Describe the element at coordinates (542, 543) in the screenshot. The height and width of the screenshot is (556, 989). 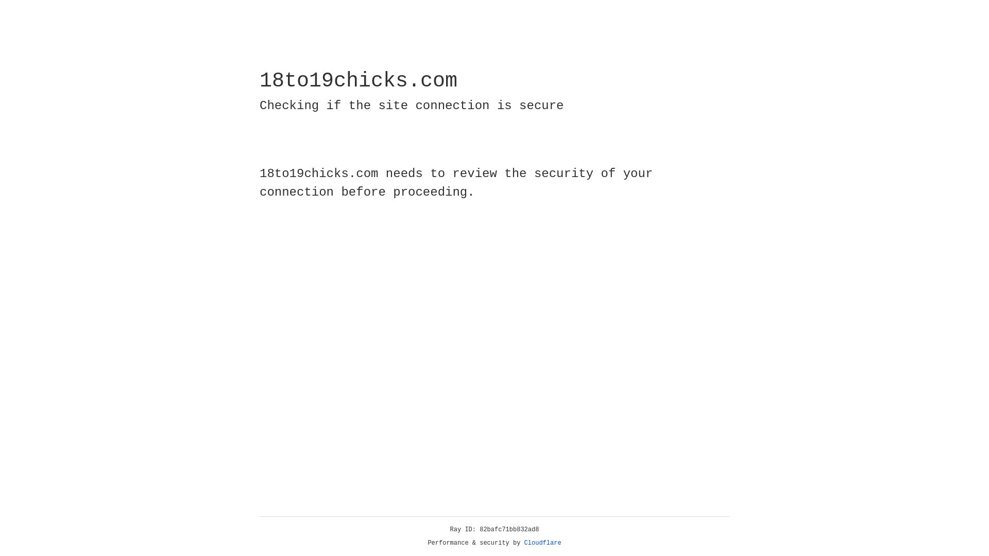
I see `'Cloudflare'` at that location.